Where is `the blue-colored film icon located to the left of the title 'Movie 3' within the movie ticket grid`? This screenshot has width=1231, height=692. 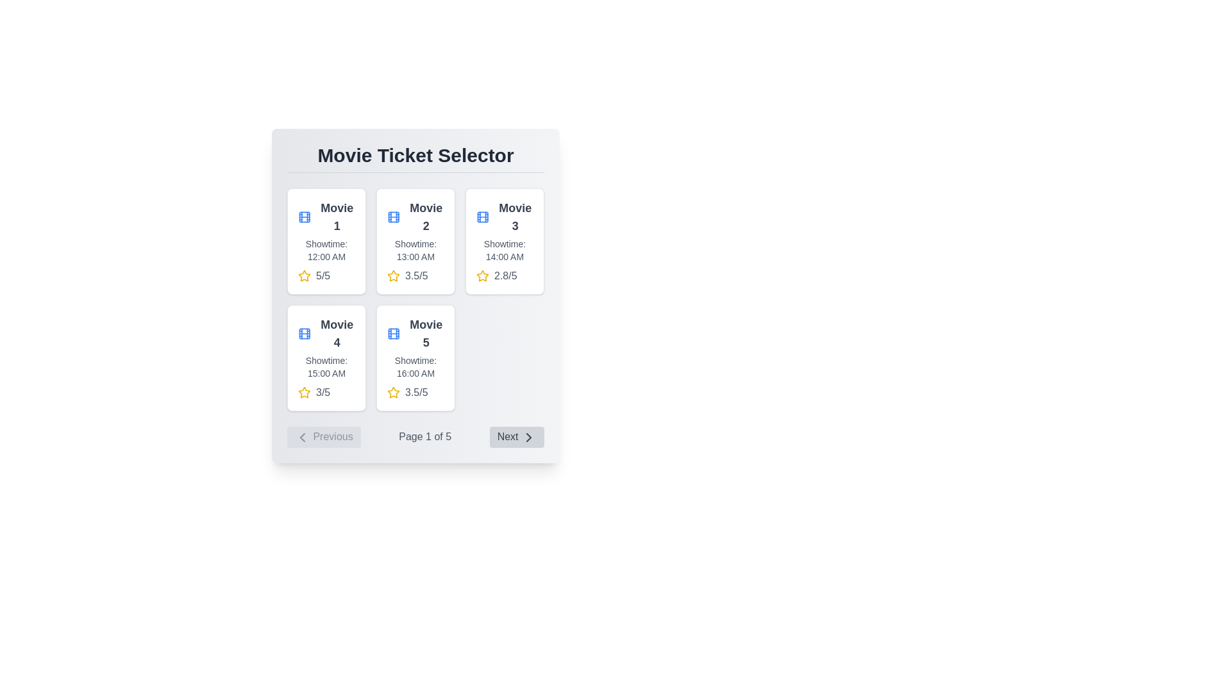 the blue-colored film icon located to the left of the title 'Movie 3' within the movie ticket grid is located at coordinates (482, 217).